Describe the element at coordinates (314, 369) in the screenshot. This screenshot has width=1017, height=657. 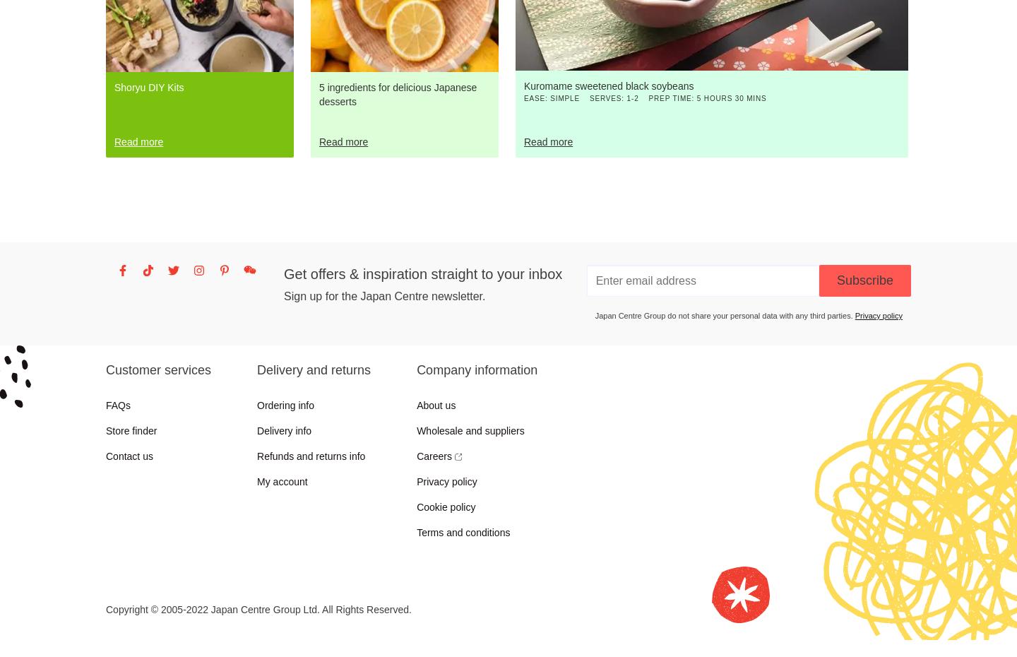
I see `'Delivery and returns'` at that location.